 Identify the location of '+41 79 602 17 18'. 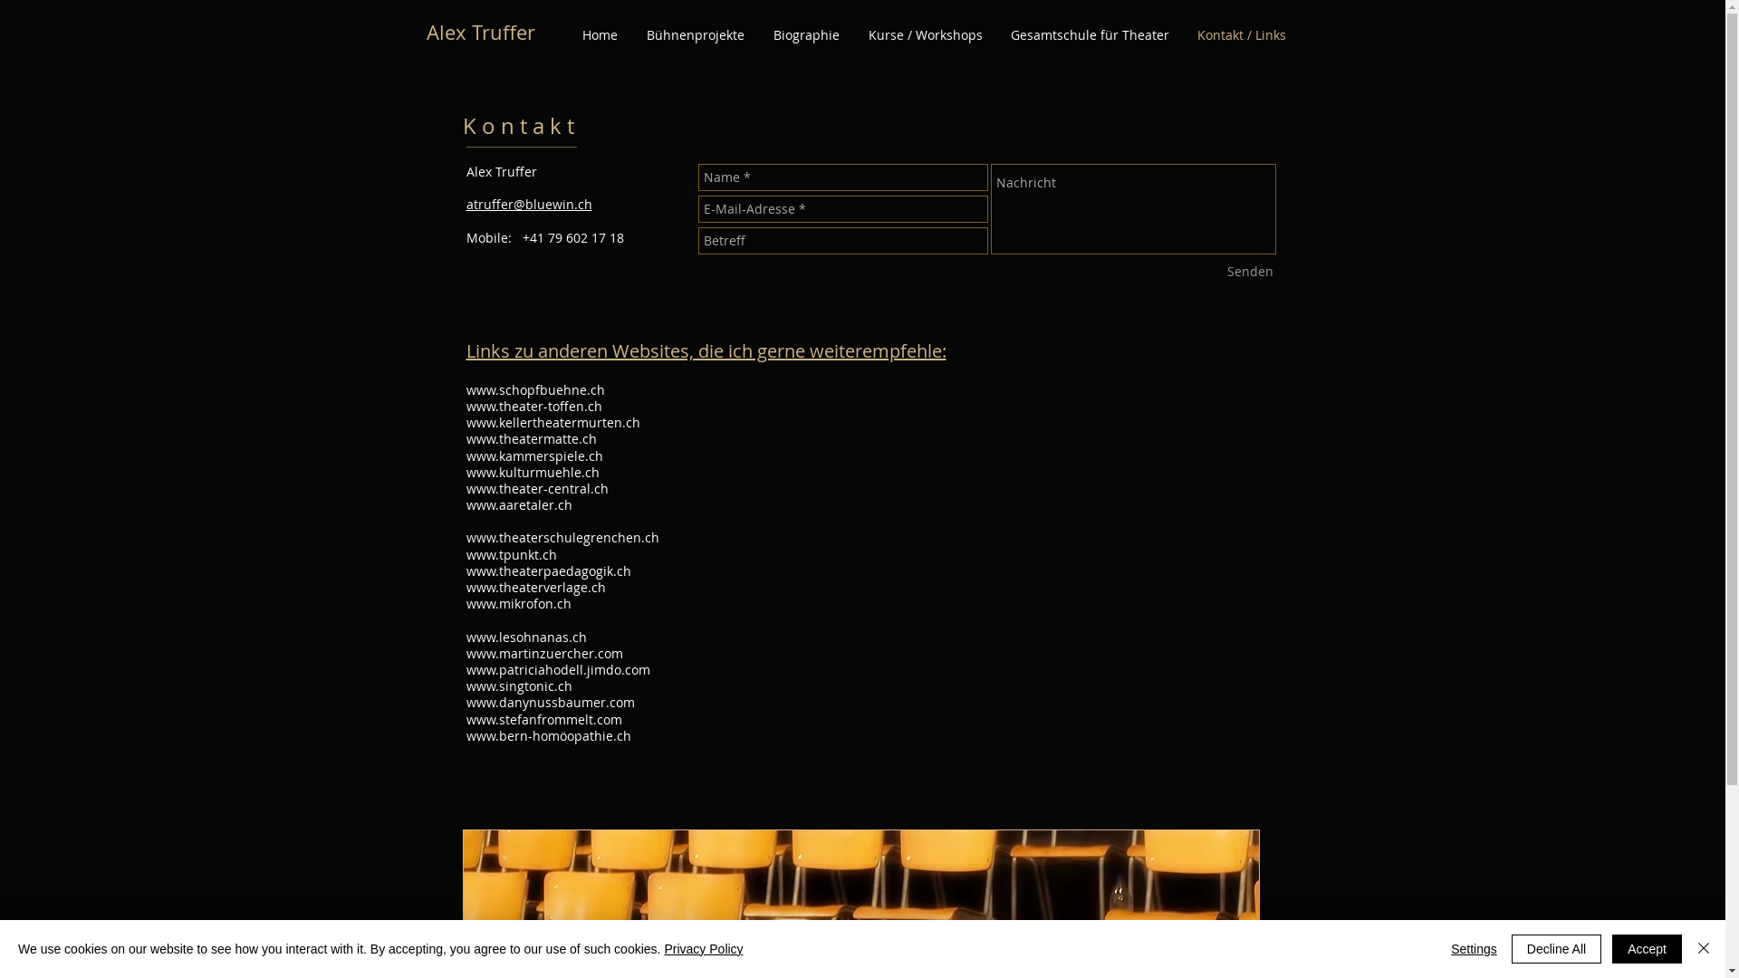
(516, 236).